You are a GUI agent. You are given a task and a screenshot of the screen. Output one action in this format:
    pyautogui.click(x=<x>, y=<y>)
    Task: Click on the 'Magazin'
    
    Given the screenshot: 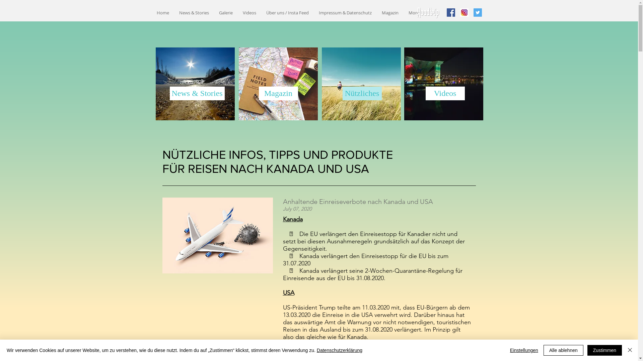 What is the action you would take?
    pyautogui.click(x=258, y=93)
    